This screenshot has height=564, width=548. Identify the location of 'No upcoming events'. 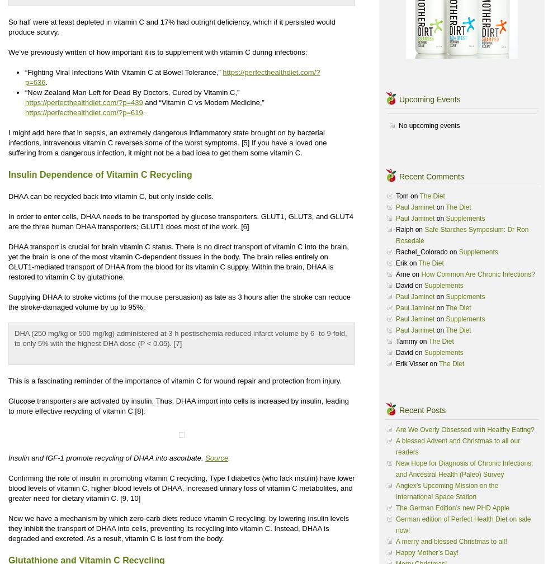
(429, 125).